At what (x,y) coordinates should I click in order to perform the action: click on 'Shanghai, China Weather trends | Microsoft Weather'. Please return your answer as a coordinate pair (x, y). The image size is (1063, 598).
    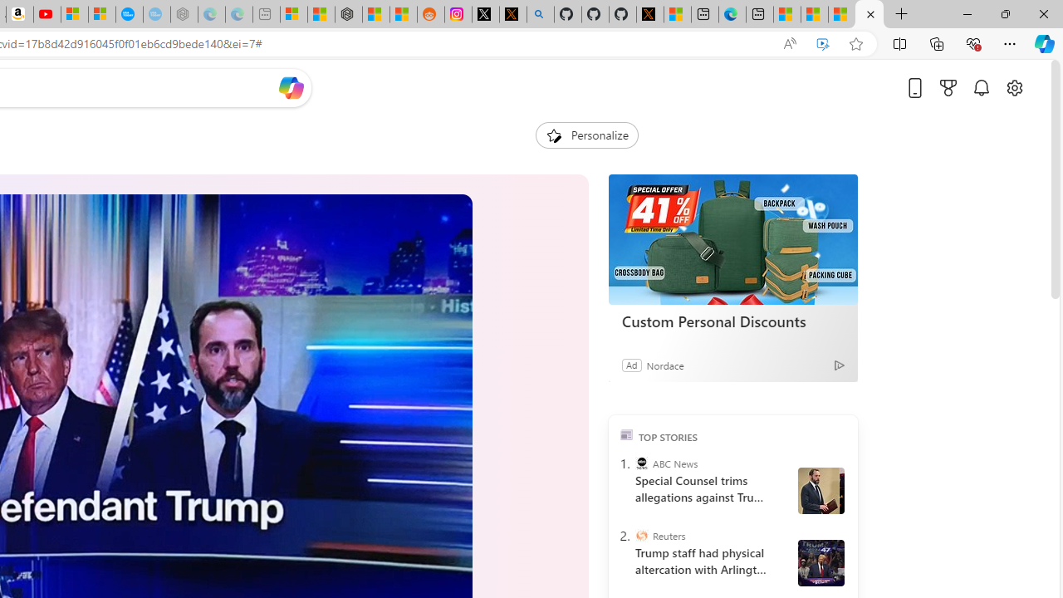
    Looking at the image, I should click on (403, 14).